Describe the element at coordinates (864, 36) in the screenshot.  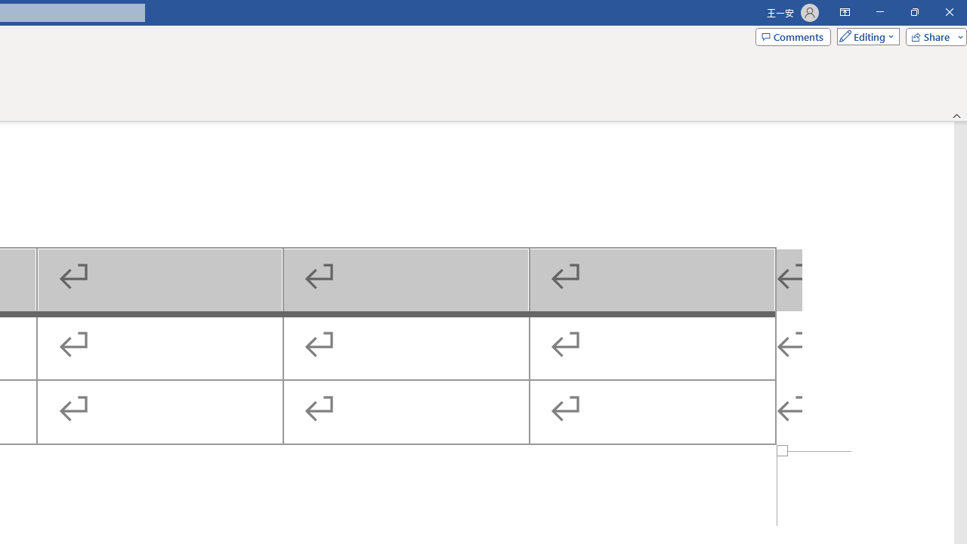
I see `'Editing'` at that location.